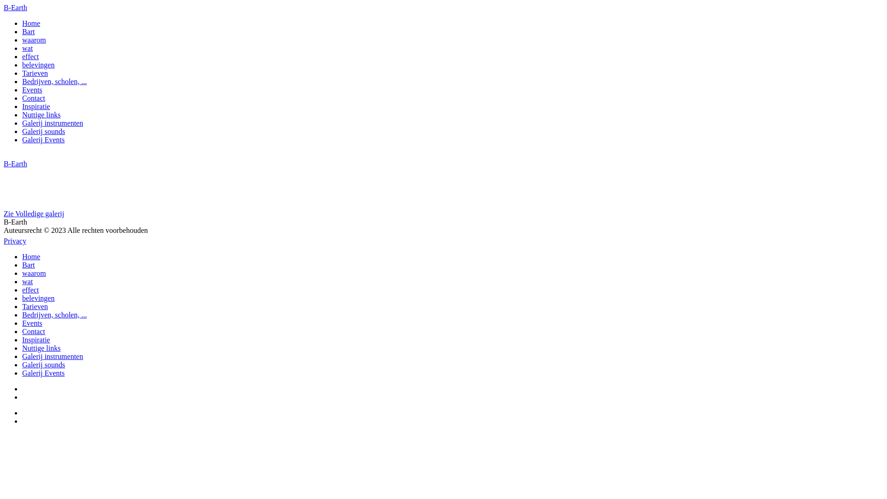 The image size is (887, 499). Describe the element at coordinates (22, 114) in the screenshot. I see `'Nuttige links'` at that location.